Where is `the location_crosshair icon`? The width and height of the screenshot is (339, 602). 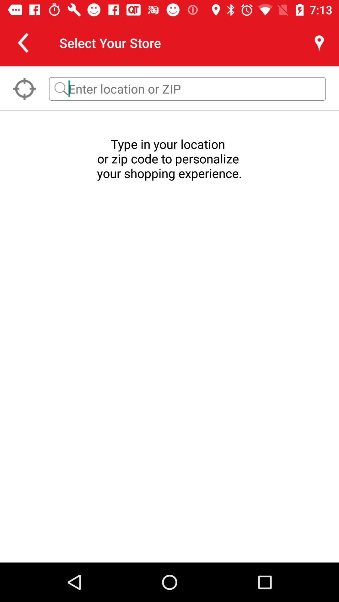 the location_crosshair icon is located at coordinates (24, 88).